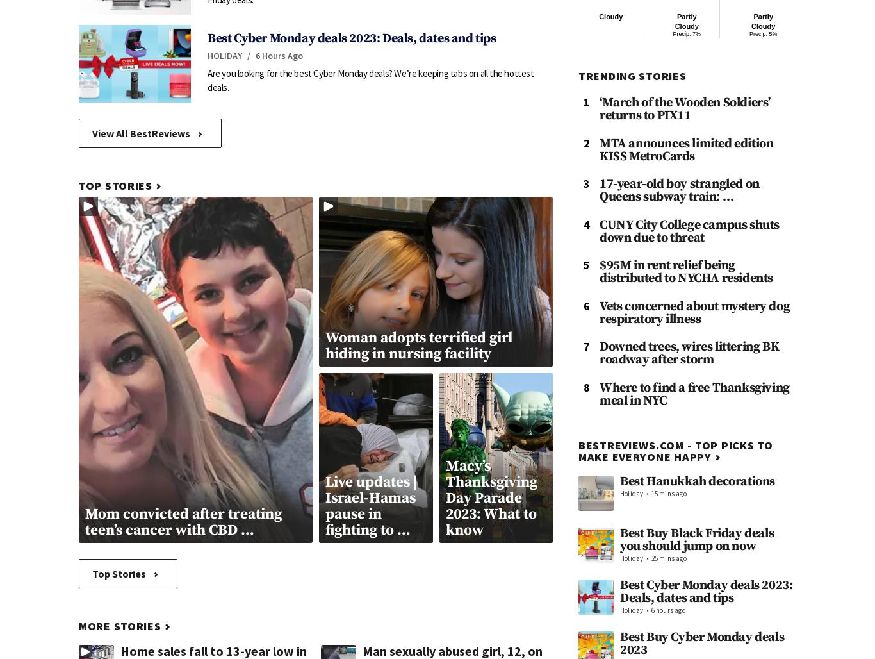  Describe the element at coordinates (491, 498) in the screenshot. I see `'Macy’s Thanksgiving Day Parade 2023: What to know'` at that location.